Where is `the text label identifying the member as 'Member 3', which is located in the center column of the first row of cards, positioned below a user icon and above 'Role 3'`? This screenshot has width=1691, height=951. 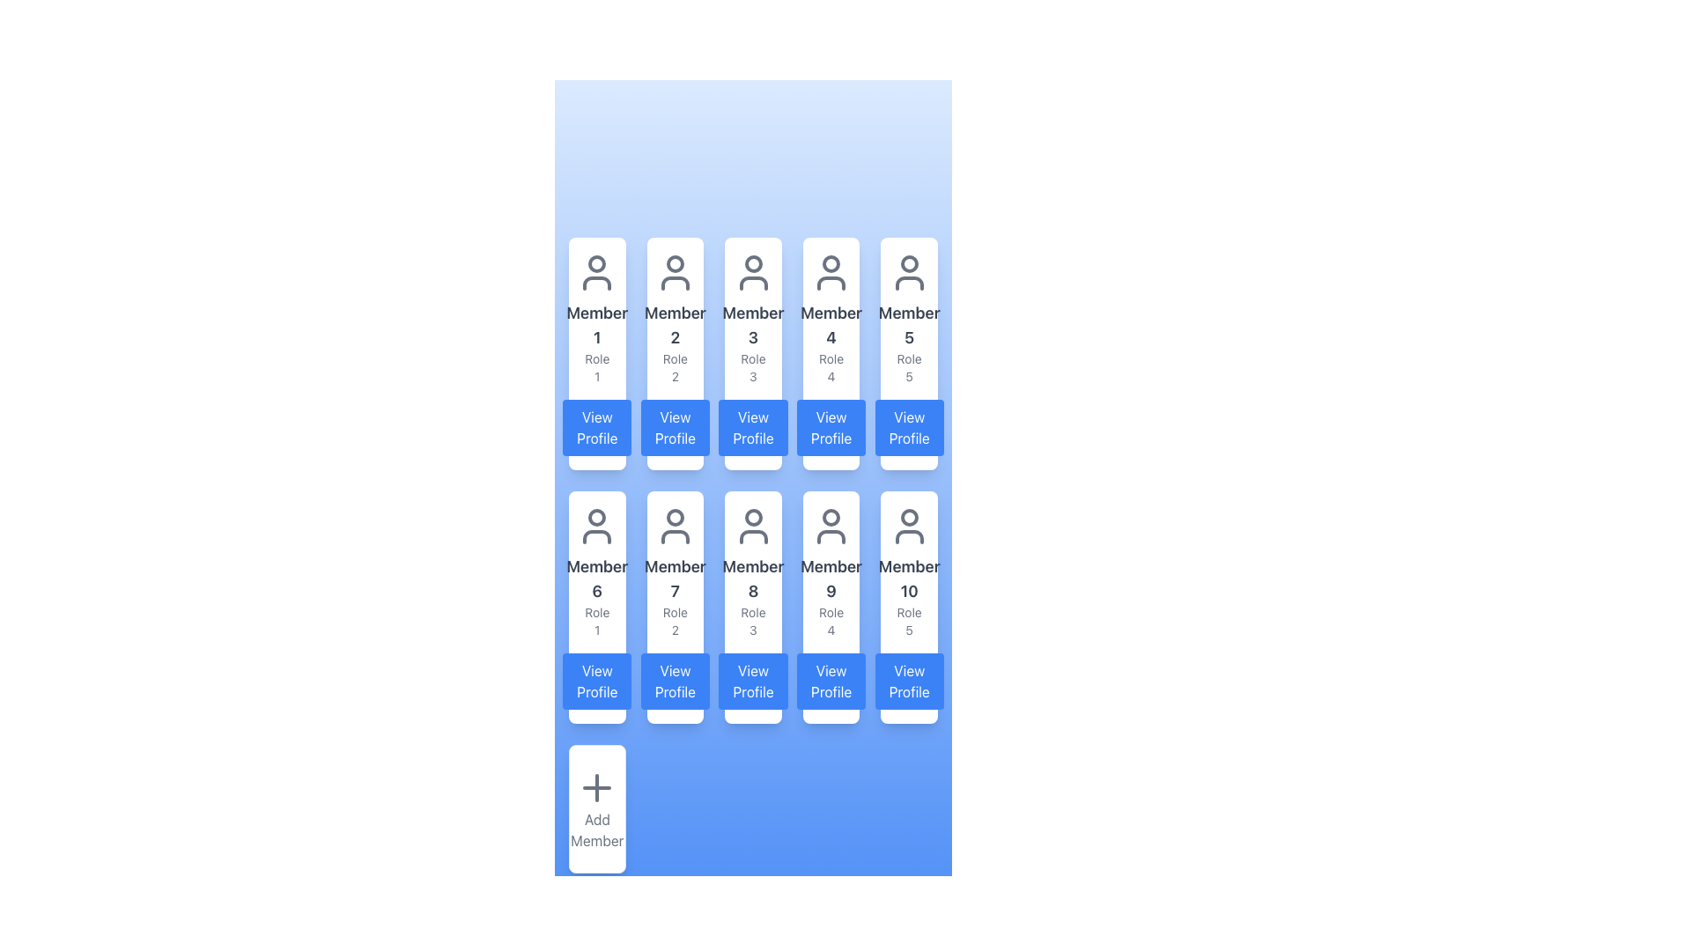 the text label identifying the member as 'Member 3', which is located in the center column of the first row of cards, positioned below a user icon and above 'Role 3' is located at coordinates (753, 326).